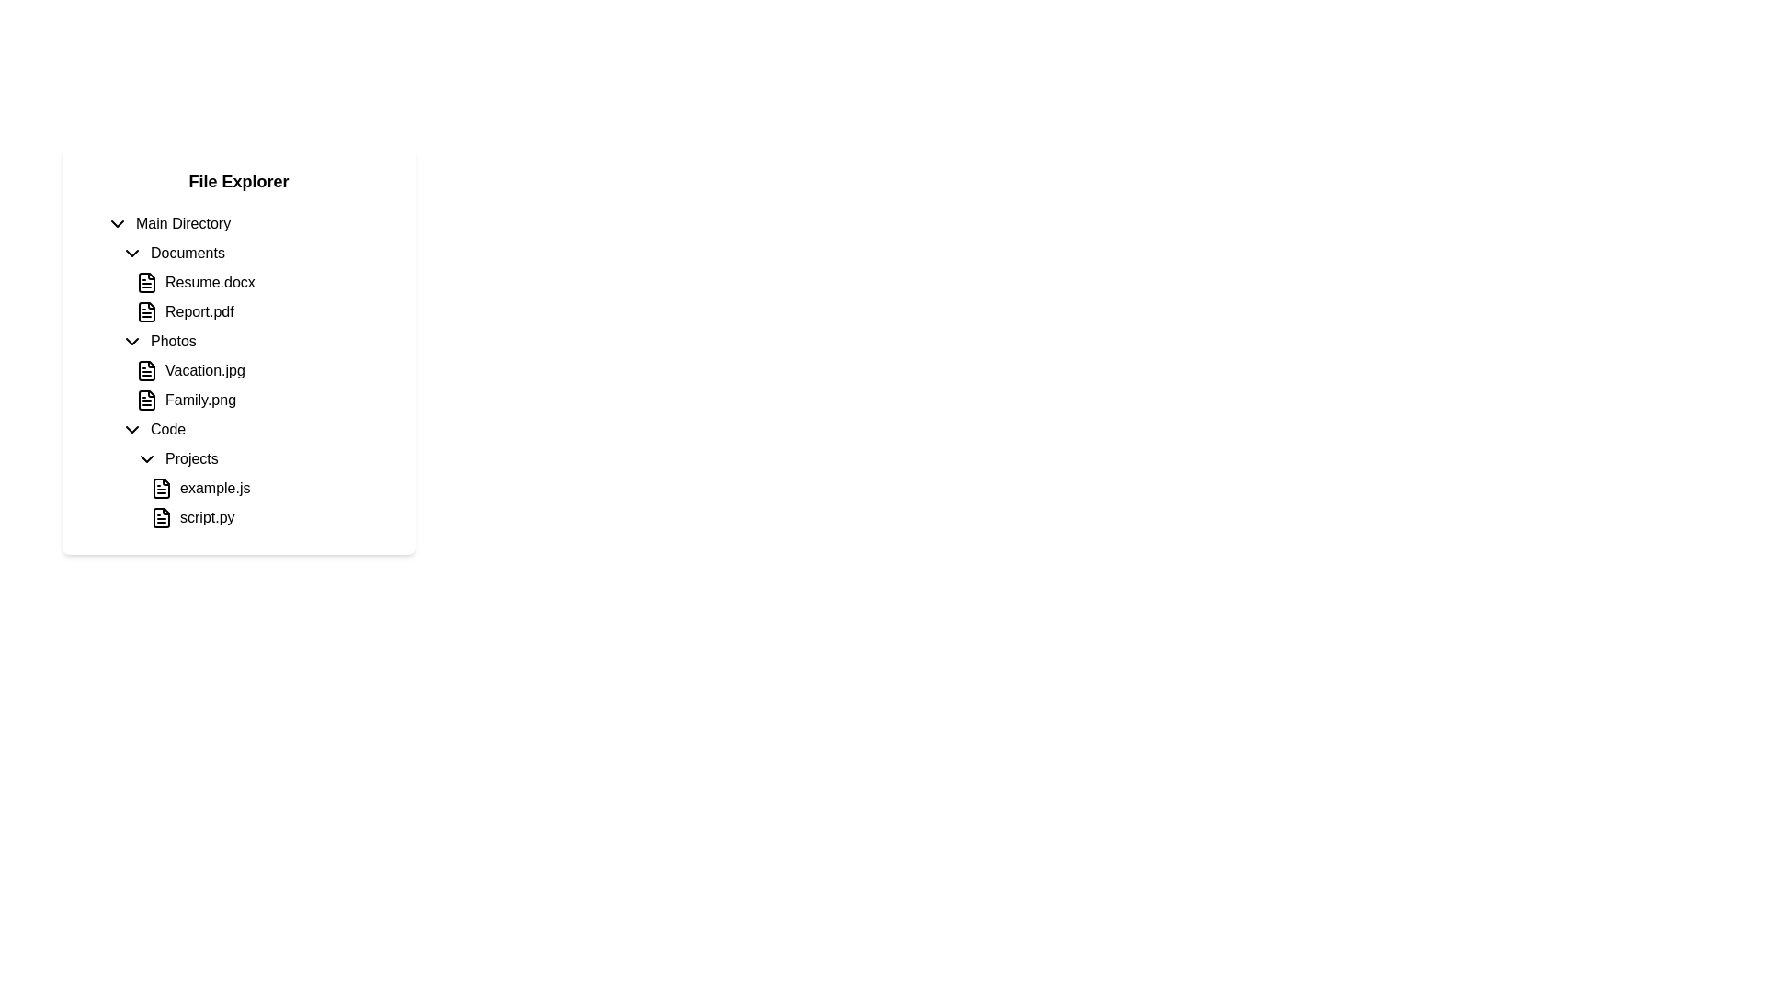 This screenshot has width=1765, height=992. What do you see at coordinates (252, 399) in the screenshot?
I see `to select the file entry named 'Family.png' located under the 'Photos' section of the file explorer, which is the second item following 'Vacation.jpg'` at bounding box center [252, 399].